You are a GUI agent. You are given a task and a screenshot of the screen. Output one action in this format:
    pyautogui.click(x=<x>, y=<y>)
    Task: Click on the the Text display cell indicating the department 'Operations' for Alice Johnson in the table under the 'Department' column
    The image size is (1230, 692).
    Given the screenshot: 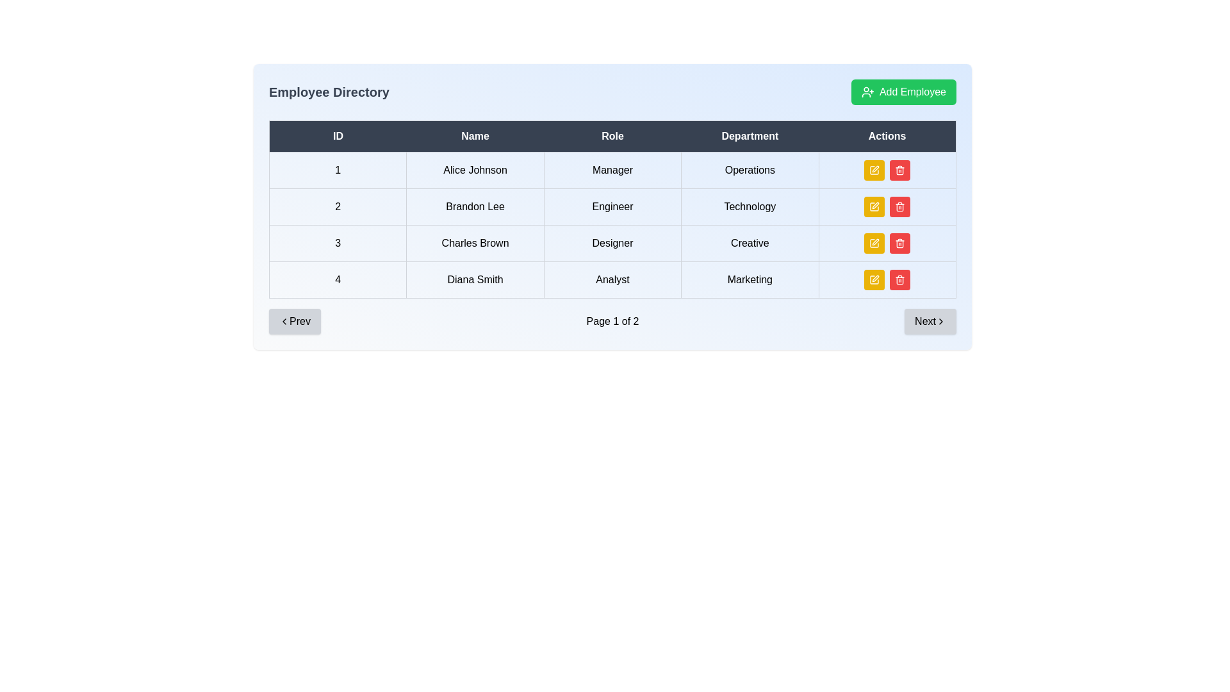 What is the action you would take?
    pyautogui.click(x=750, y=170)
    